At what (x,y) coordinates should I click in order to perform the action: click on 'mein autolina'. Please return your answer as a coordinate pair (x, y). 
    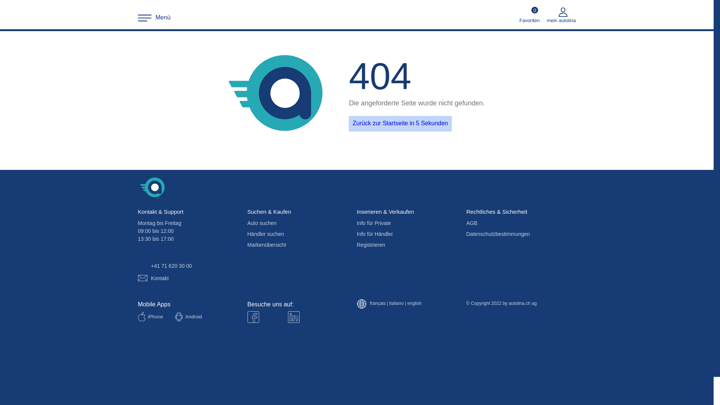
    Looking at the image, I should click on (561, 15).